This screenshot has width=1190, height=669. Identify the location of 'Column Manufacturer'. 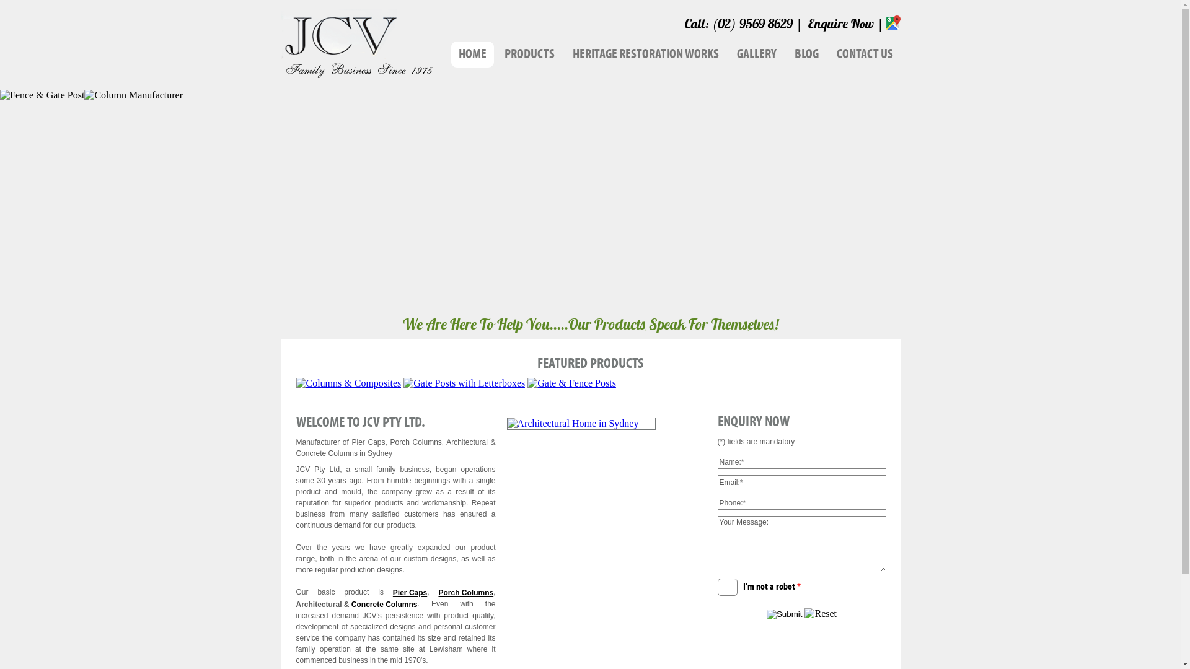
(133, 95).